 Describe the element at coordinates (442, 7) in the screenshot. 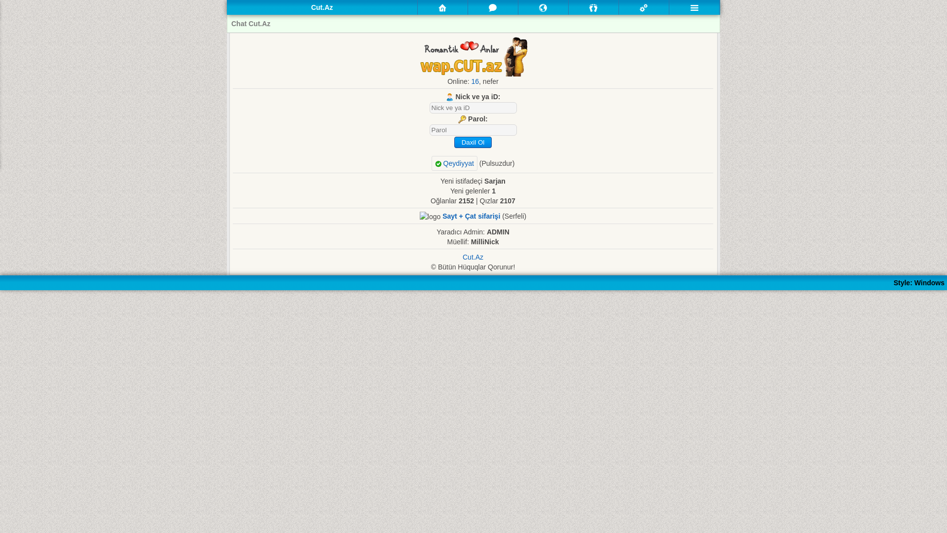

I see `'Ana Sehife'` at that location.